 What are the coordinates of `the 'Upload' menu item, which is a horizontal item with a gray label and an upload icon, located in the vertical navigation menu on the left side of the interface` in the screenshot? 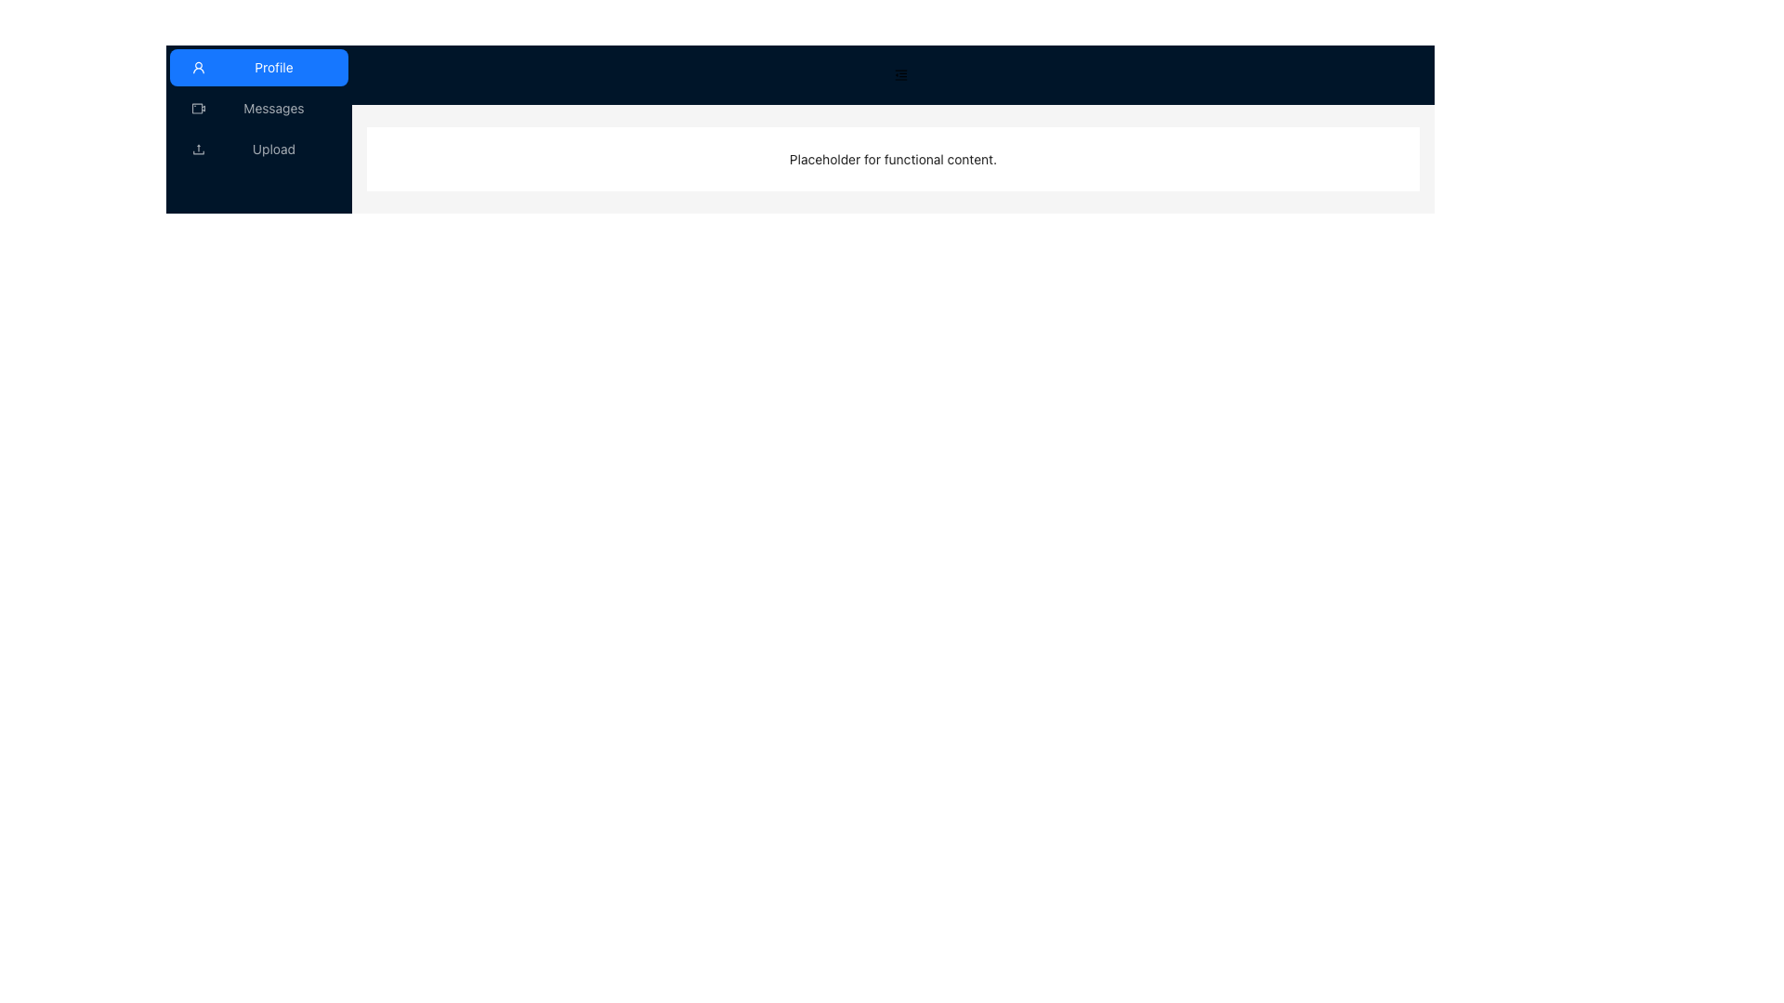 It's located at (257, 149).